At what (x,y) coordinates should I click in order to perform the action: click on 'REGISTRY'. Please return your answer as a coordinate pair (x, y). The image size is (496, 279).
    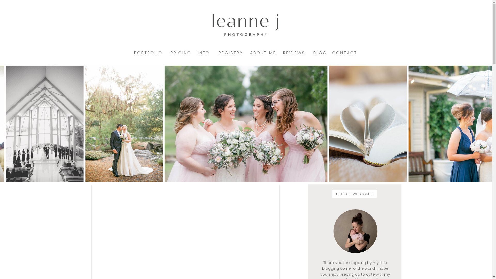
    Looking at the image, I should click on (217, 53).